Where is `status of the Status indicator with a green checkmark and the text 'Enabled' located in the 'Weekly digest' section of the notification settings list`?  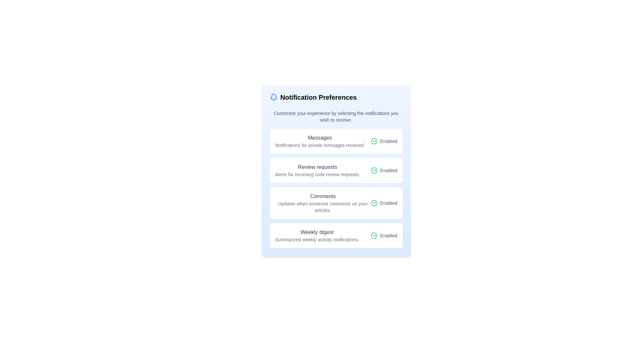
status of the Status indicator with a green checkmark and the text 'Enabled' located in the 'Weekly digest' section of the notification settings list is located at coordinates (384, 235).